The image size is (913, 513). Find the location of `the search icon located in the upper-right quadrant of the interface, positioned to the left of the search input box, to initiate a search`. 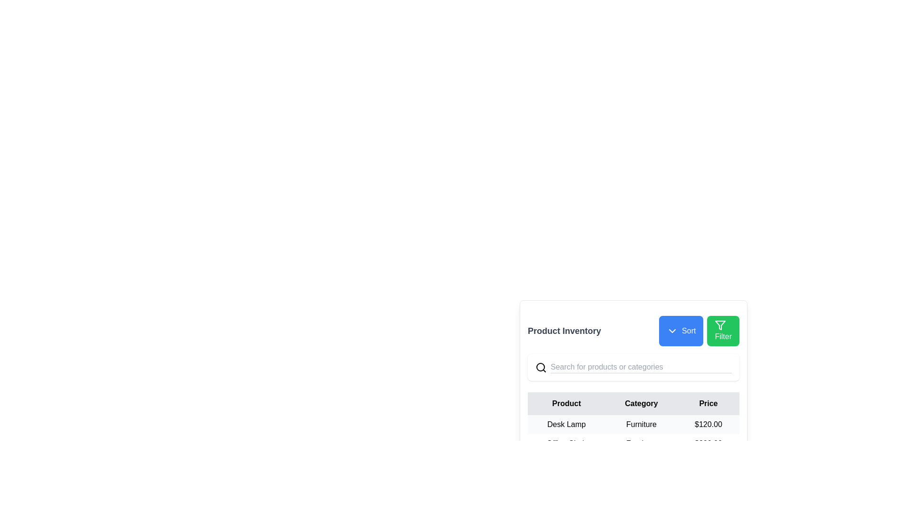

the search icon located in the upper-right quadrant of the interface, positioned to the left of the search input box, to initiate a search is located at coordinates (541, 366).